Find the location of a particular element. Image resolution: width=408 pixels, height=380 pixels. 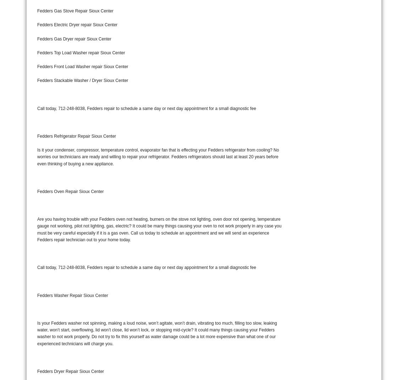

'Is your Fedders washer not spinning, making a loud noise, won’t agitate, won’t drain, vibrating too much, filling too slow, leaking water, won’t start, overflowing, lid won’t close, lid won’t lock, or stopping mid-cycle? It could many things causing your Fedders washer to not work properly. Do not try to fix this yourself as water damage could be a lot more expensive than what one of our experienced technicians will charge you.' is located at coordinates (37, 333).